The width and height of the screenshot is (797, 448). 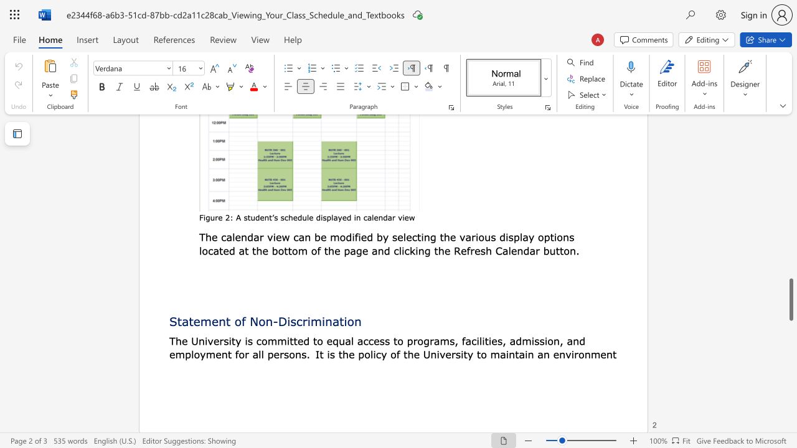 I want to click on the scrollbar to move the view up, so click(x=790, y=243).